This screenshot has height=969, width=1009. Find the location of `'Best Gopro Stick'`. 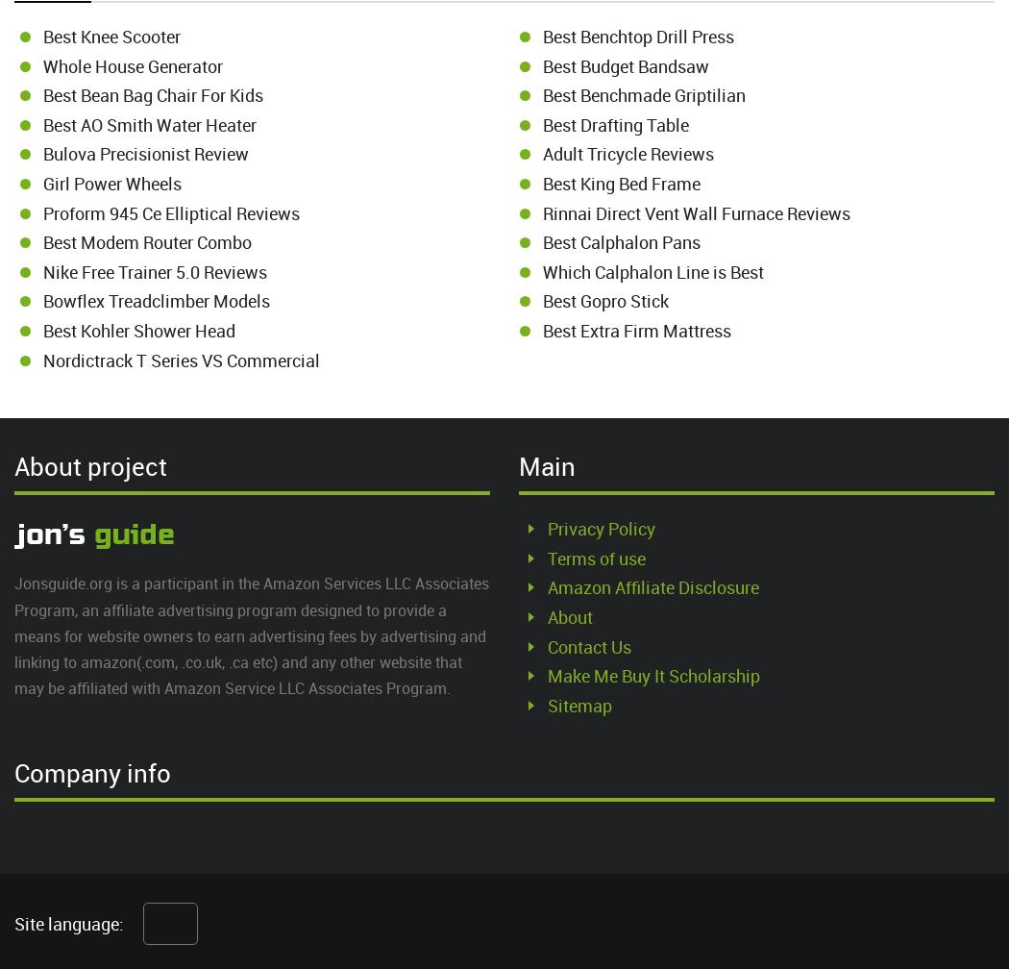

'Best Gopro Stick' is located at coordinates (542, 300).